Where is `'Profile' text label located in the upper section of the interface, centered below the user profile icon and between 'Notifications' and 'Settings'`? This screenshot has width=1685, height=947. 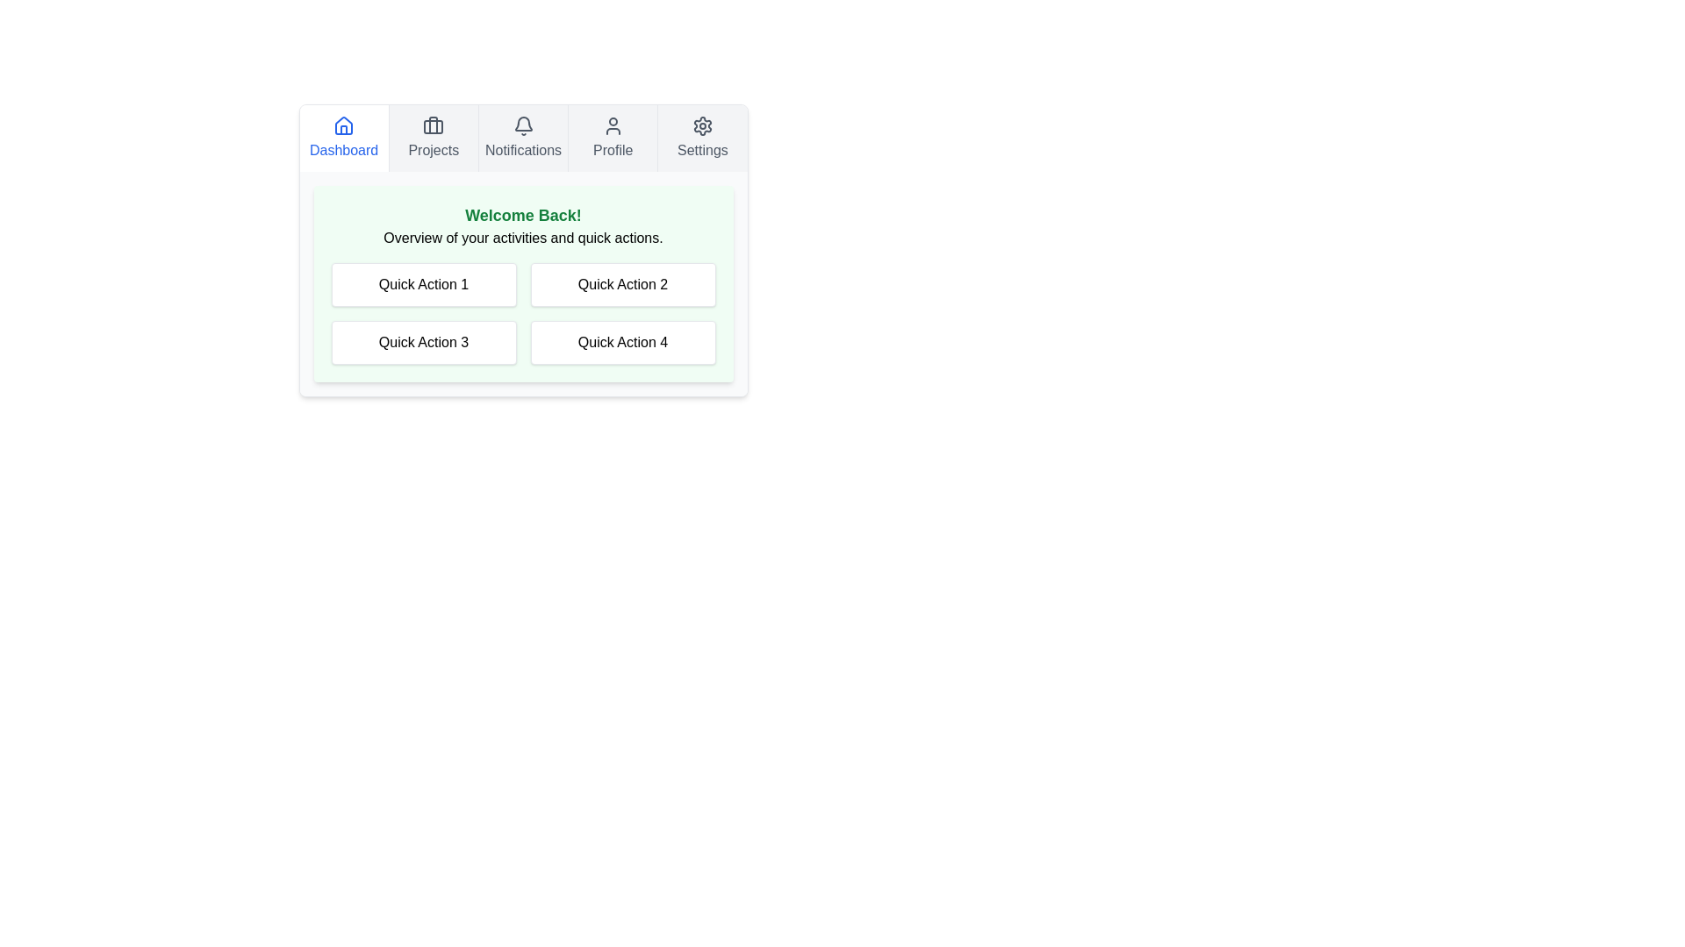
'Profile' text label located in the upper section of the interface, centered below the user profile icon and between 'Notifications' and 'Settings' is located at coordinates (613, 150).